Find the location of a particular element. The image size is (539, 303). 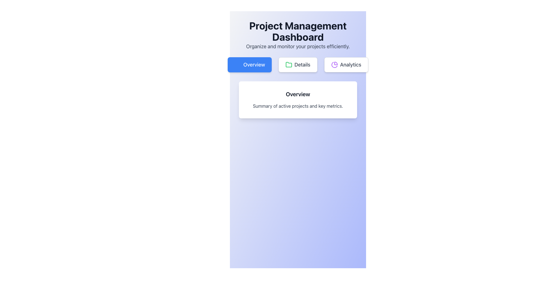

the pie chart icon representing the 'Analytics' section in the top-right menu bar is located at coordinates (334, 65).